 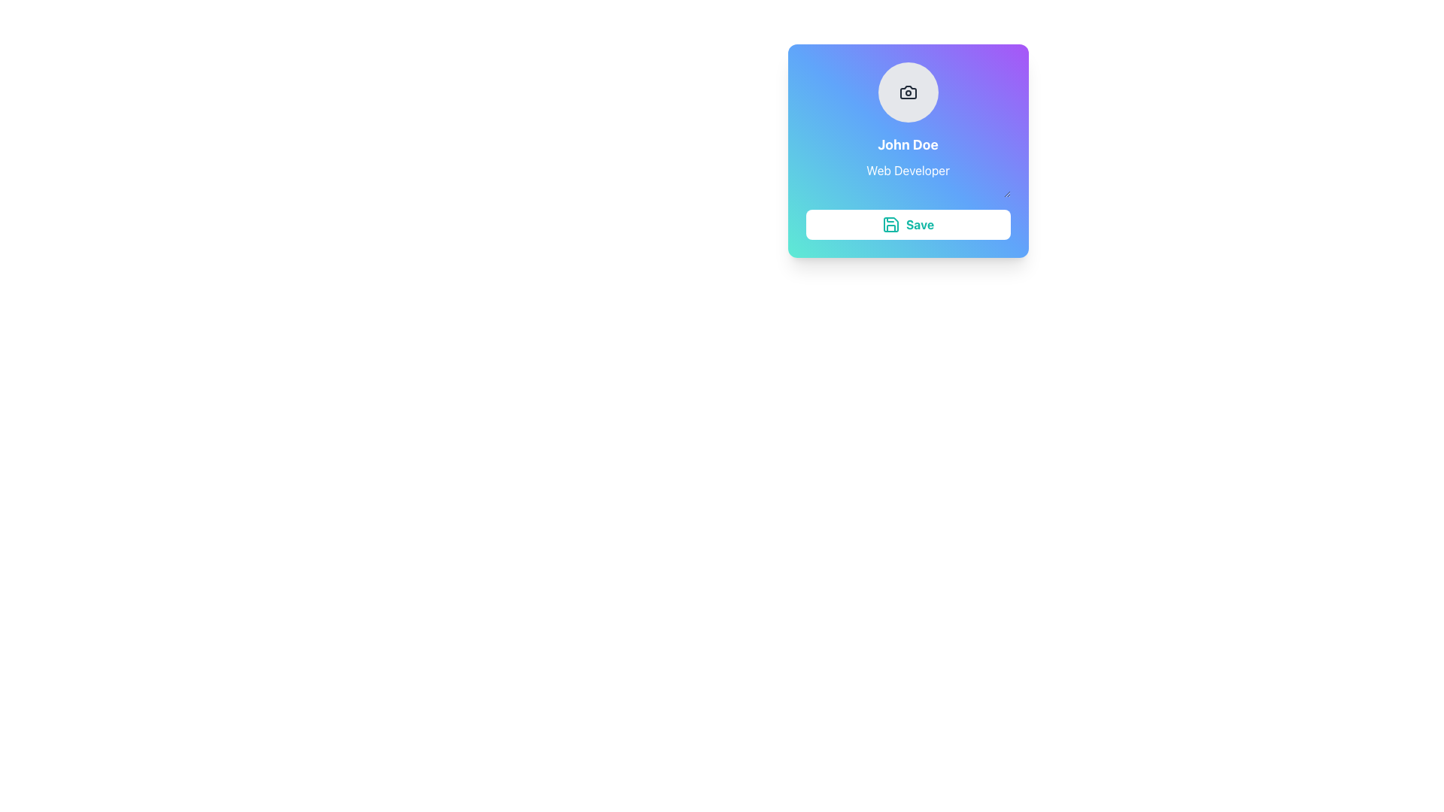 I want to click on the 'Save' button, which has a white background, teal text, and a floppy disk icon, located centrally below the text fields for 'John Doe' and 'Web Developer', so click(x=907, y=225).